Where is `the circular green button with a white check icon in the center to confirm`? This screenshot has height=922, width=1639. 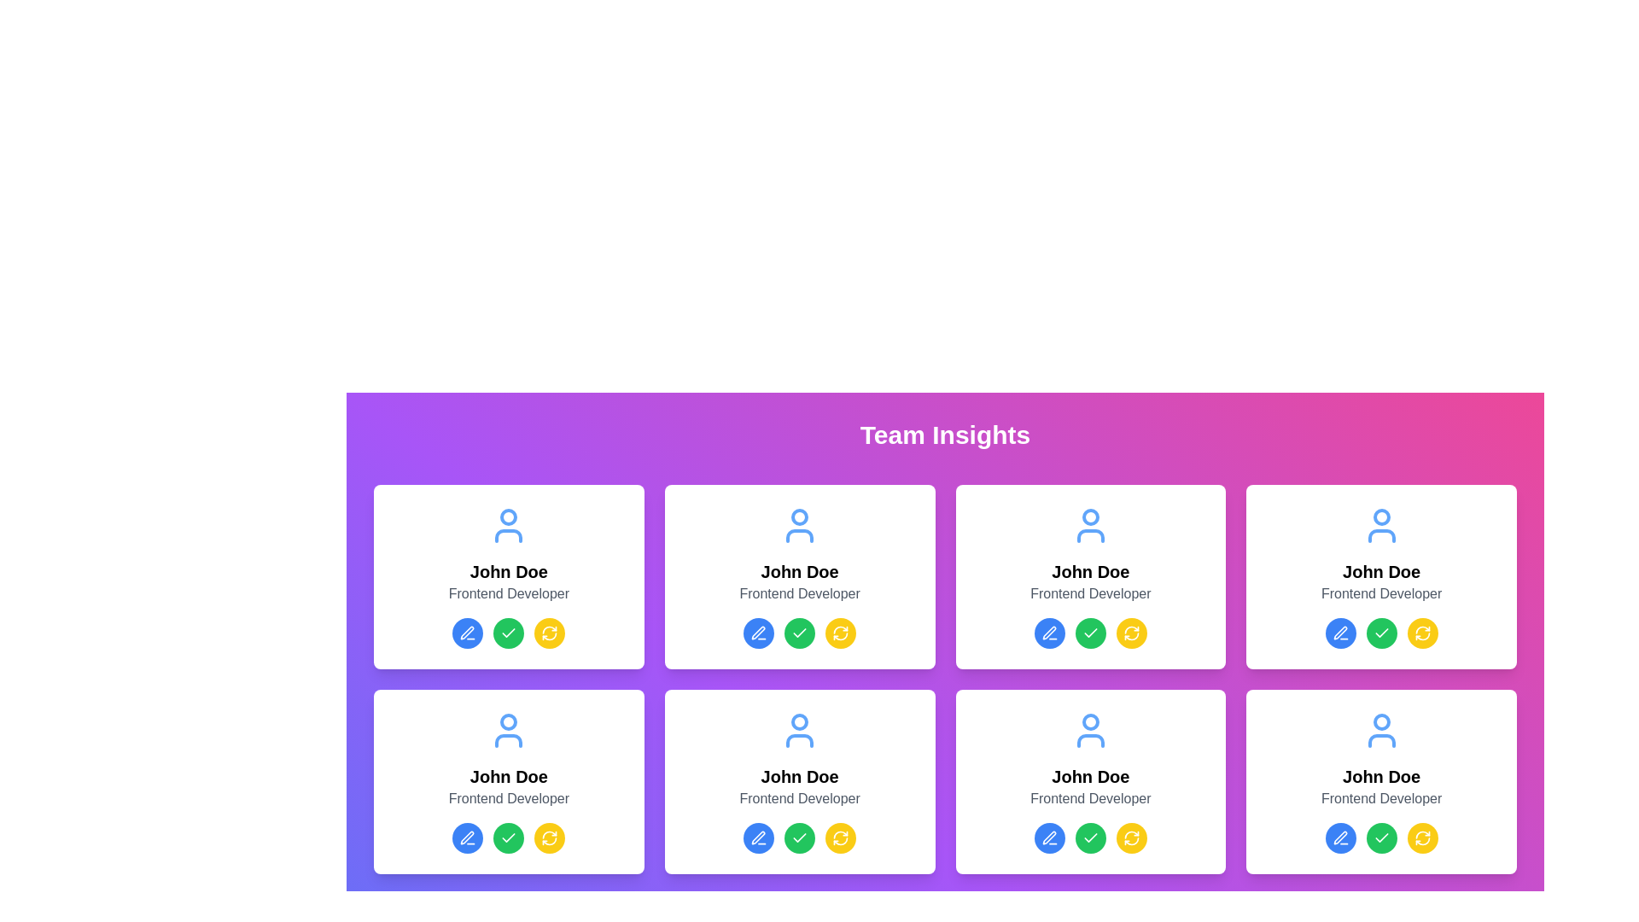 the circular green button with a white check icon in the center to confirm is located at coordinates (508, 633).